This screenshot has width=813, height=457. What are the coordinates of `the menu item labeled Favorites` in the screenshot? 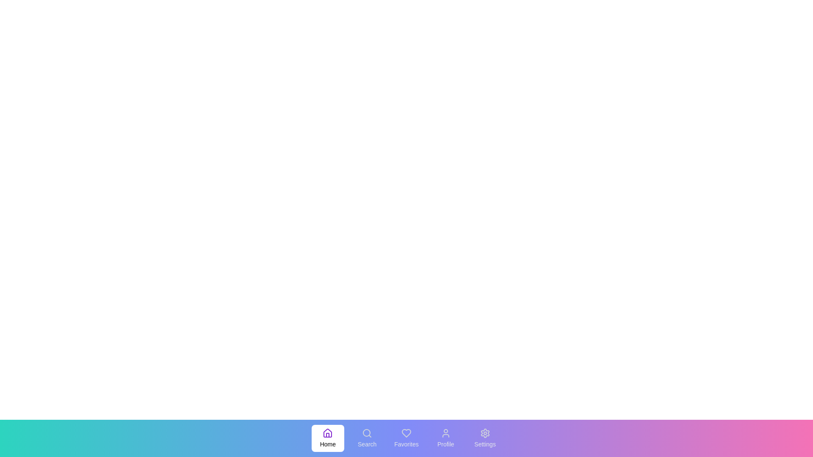 It's located at (406, 438).